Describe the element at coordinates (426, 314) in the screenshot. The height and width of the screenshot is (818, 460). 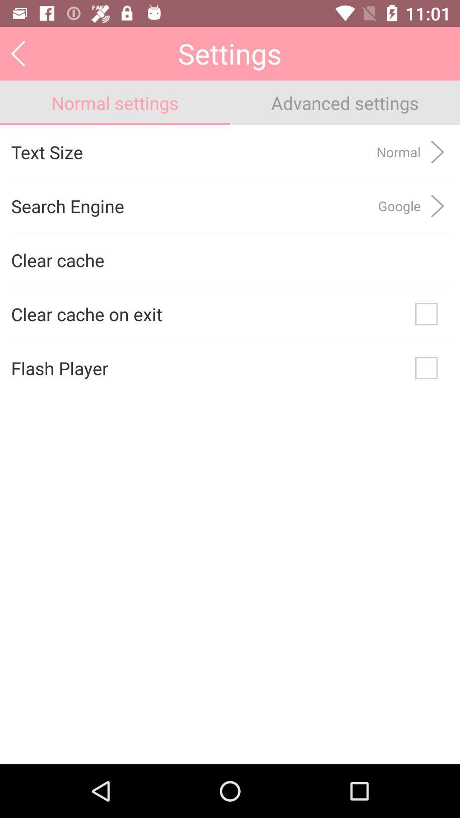
I see `clear cache on exit option` at that location.